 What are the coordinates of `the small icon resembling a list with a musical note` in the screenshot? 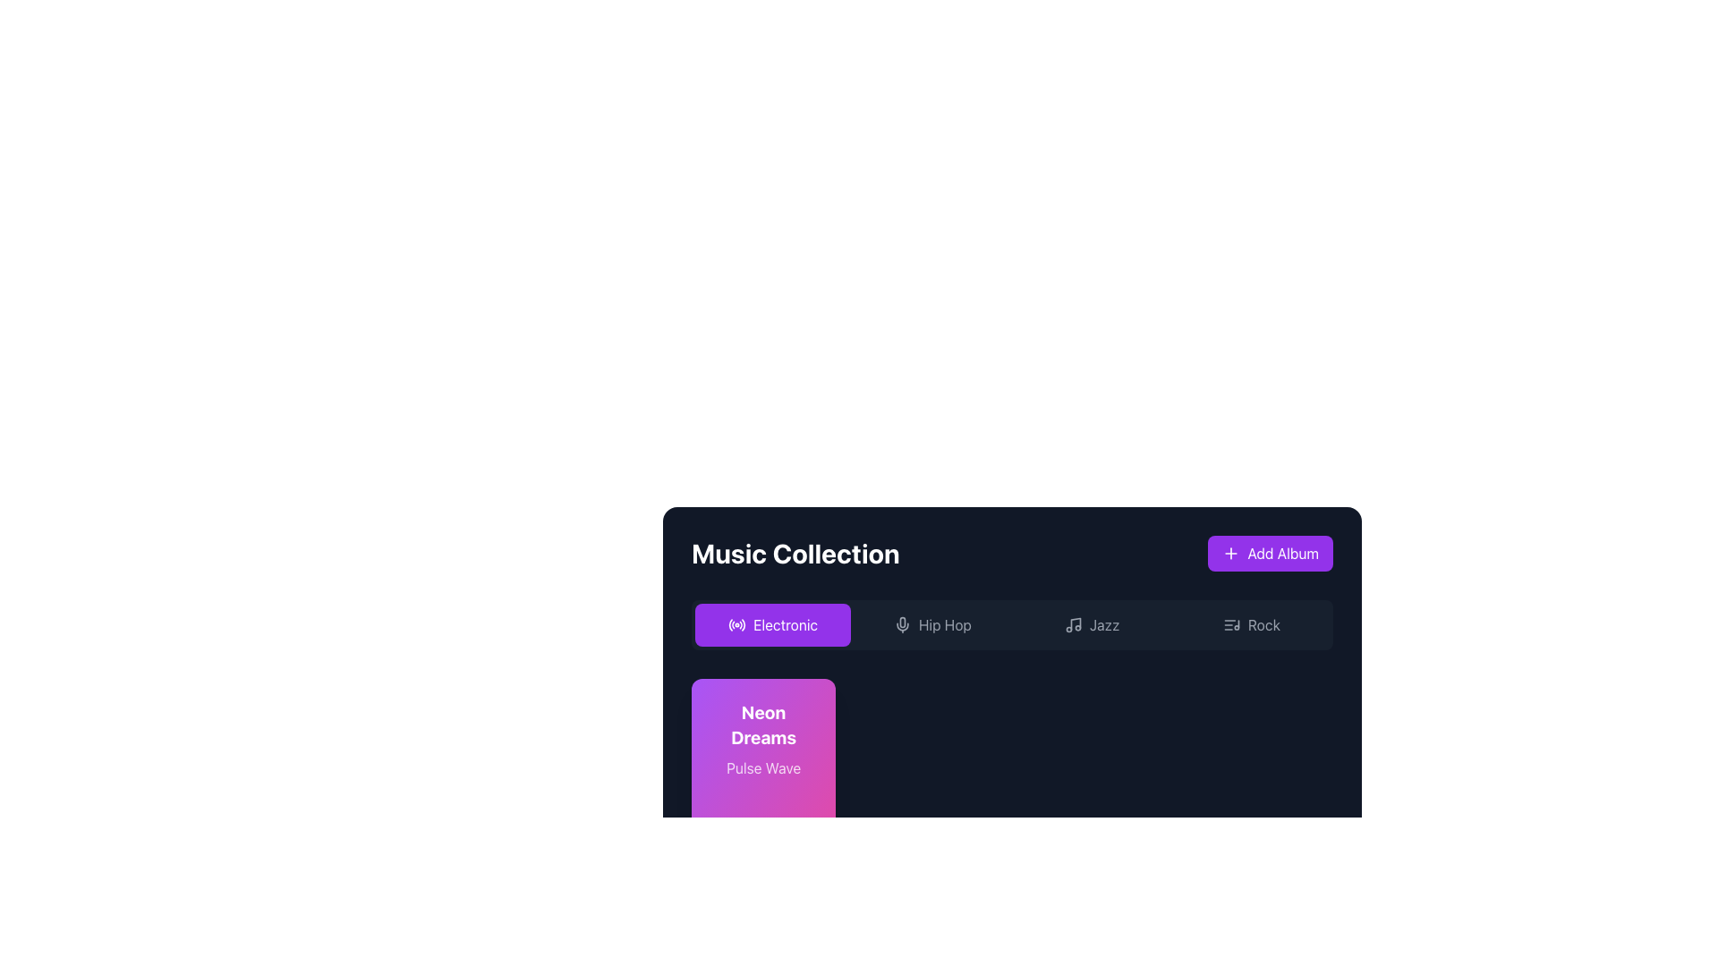 It's located at (1230, 623).